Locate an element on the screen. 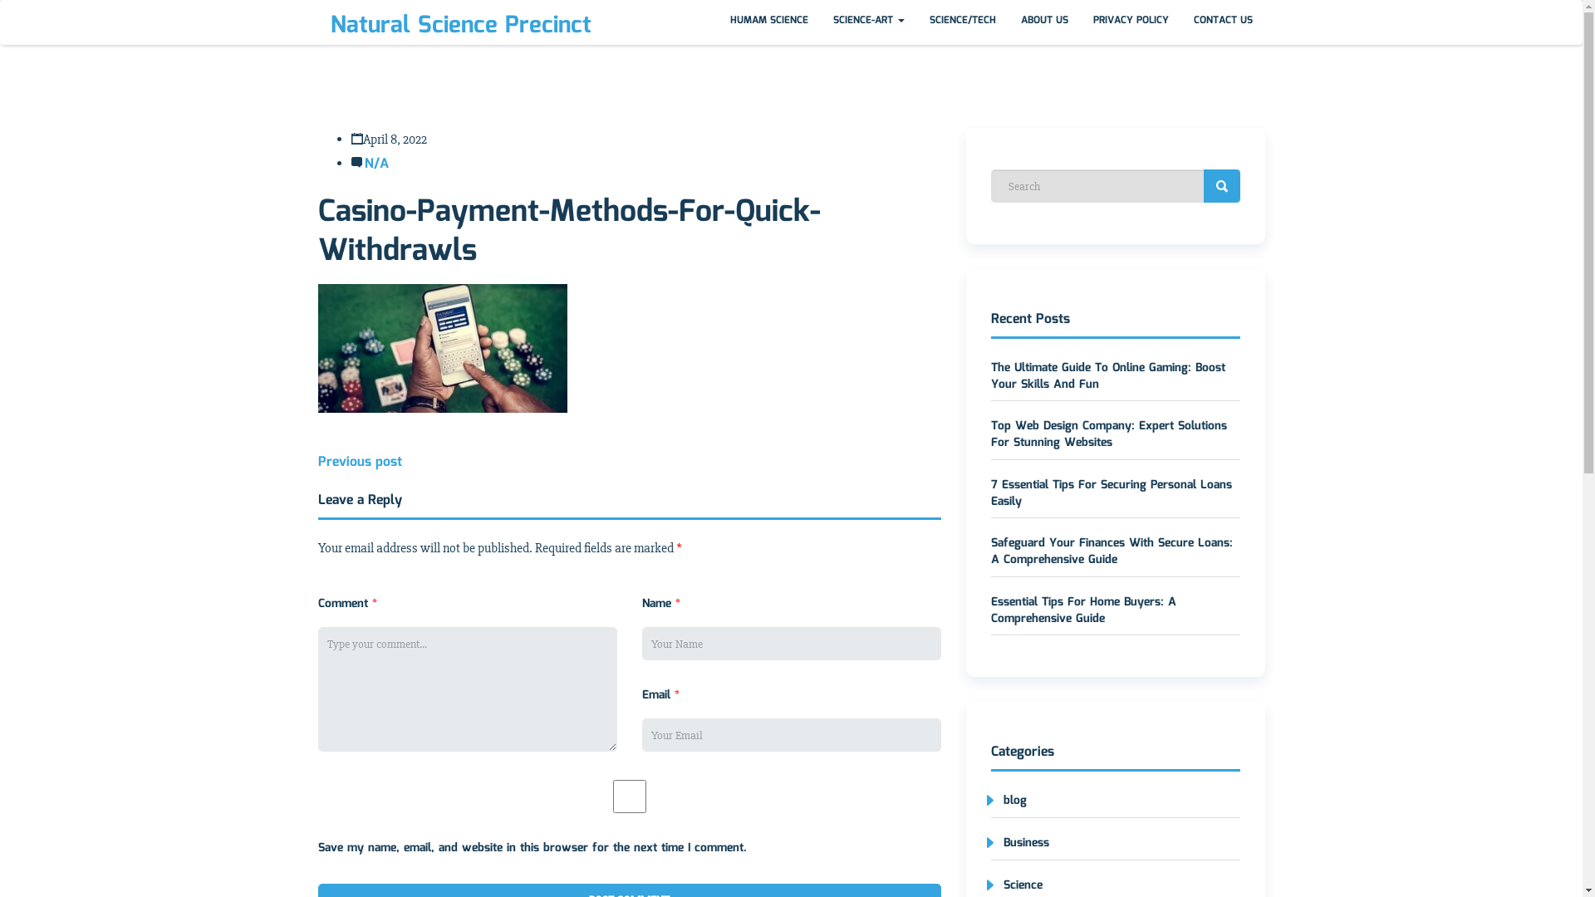 The image size is (1595, 897). 'Business' is located at coordinates (1018, 842).